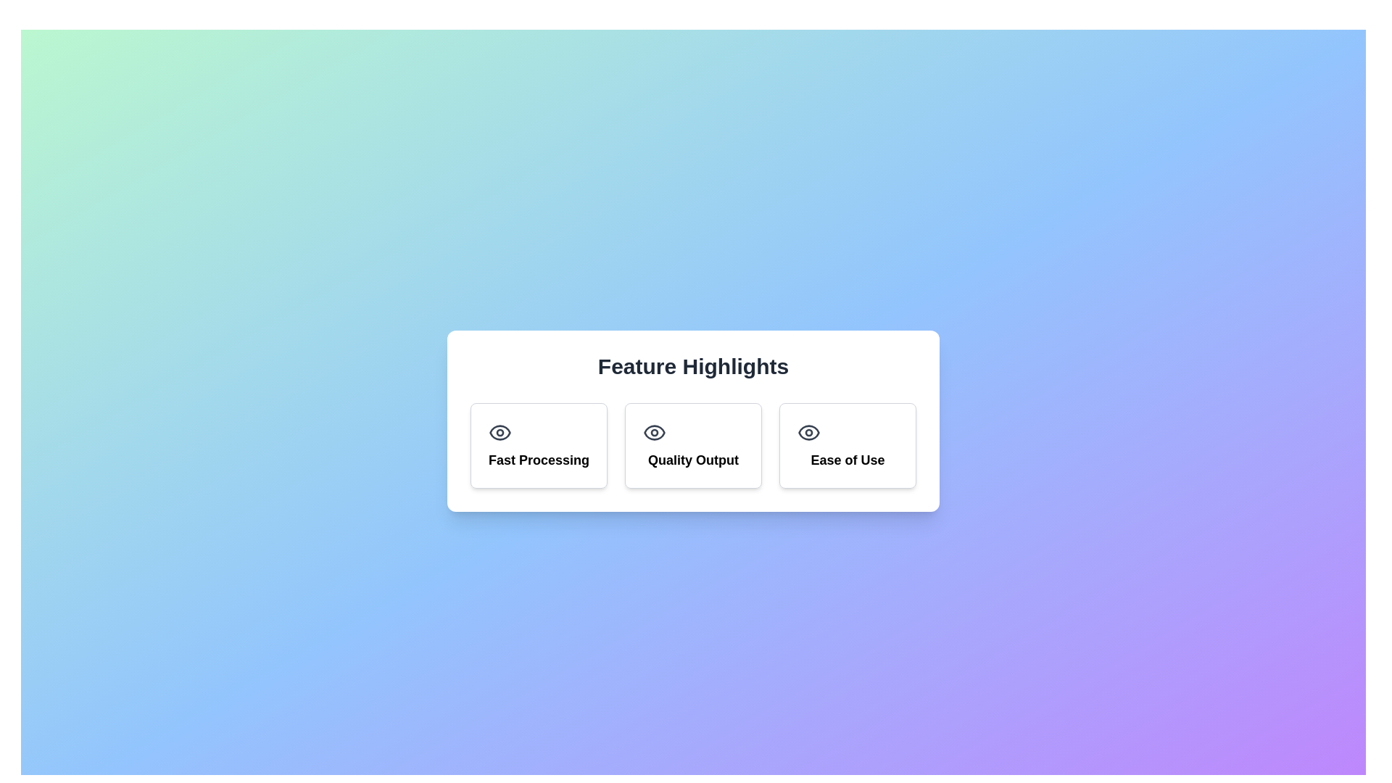 The height and width of the screenshot is (783, 1392). I want to click on the 'Quality Output' icon, which is the top visual component of the middle card in a row of three cards, so click(653, 432).